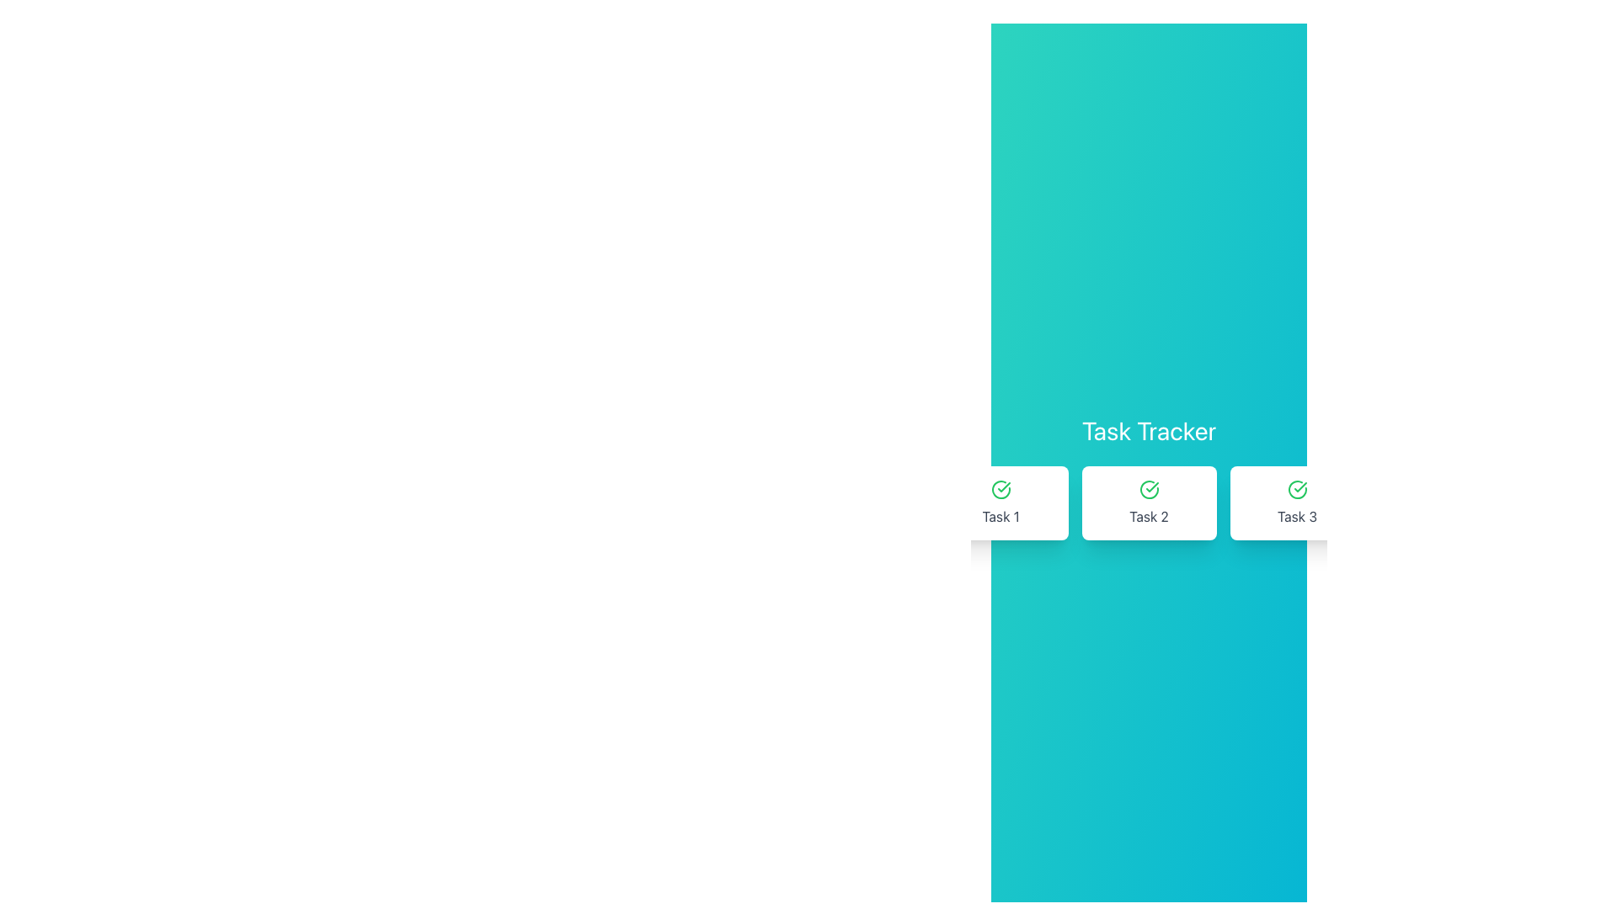 The width and height of the screenshot is (1617, 909). I want to click on the title text element that indicates the purpose of the task management interface to trigger a tooltip or visual effect, so click(1148, 430).